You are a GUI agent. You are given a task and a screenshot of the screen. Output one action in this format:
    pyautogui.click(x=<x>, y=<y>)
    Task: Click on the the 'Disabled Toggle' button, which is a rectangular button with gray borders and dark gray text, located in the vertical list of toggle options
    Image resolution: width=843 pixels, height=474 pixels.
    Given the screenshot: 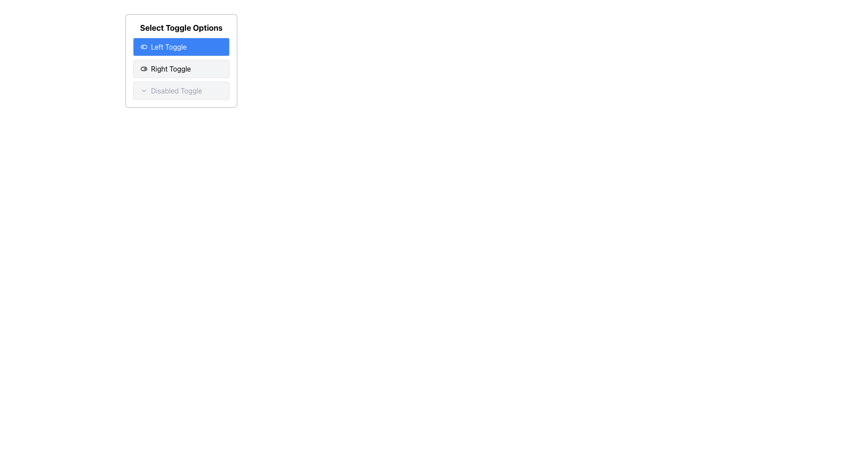 What is the action you would take?
    pyautogui.click(x=180, y=91)
    